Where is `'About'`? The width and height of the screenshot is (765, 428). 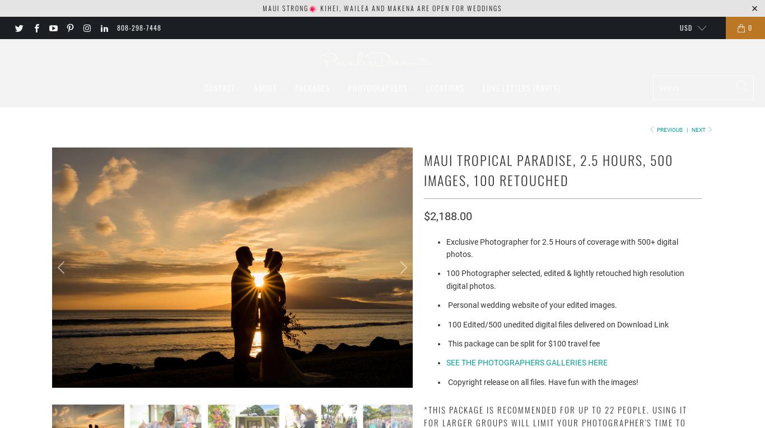
'About' is located at coordinates (265, 87).